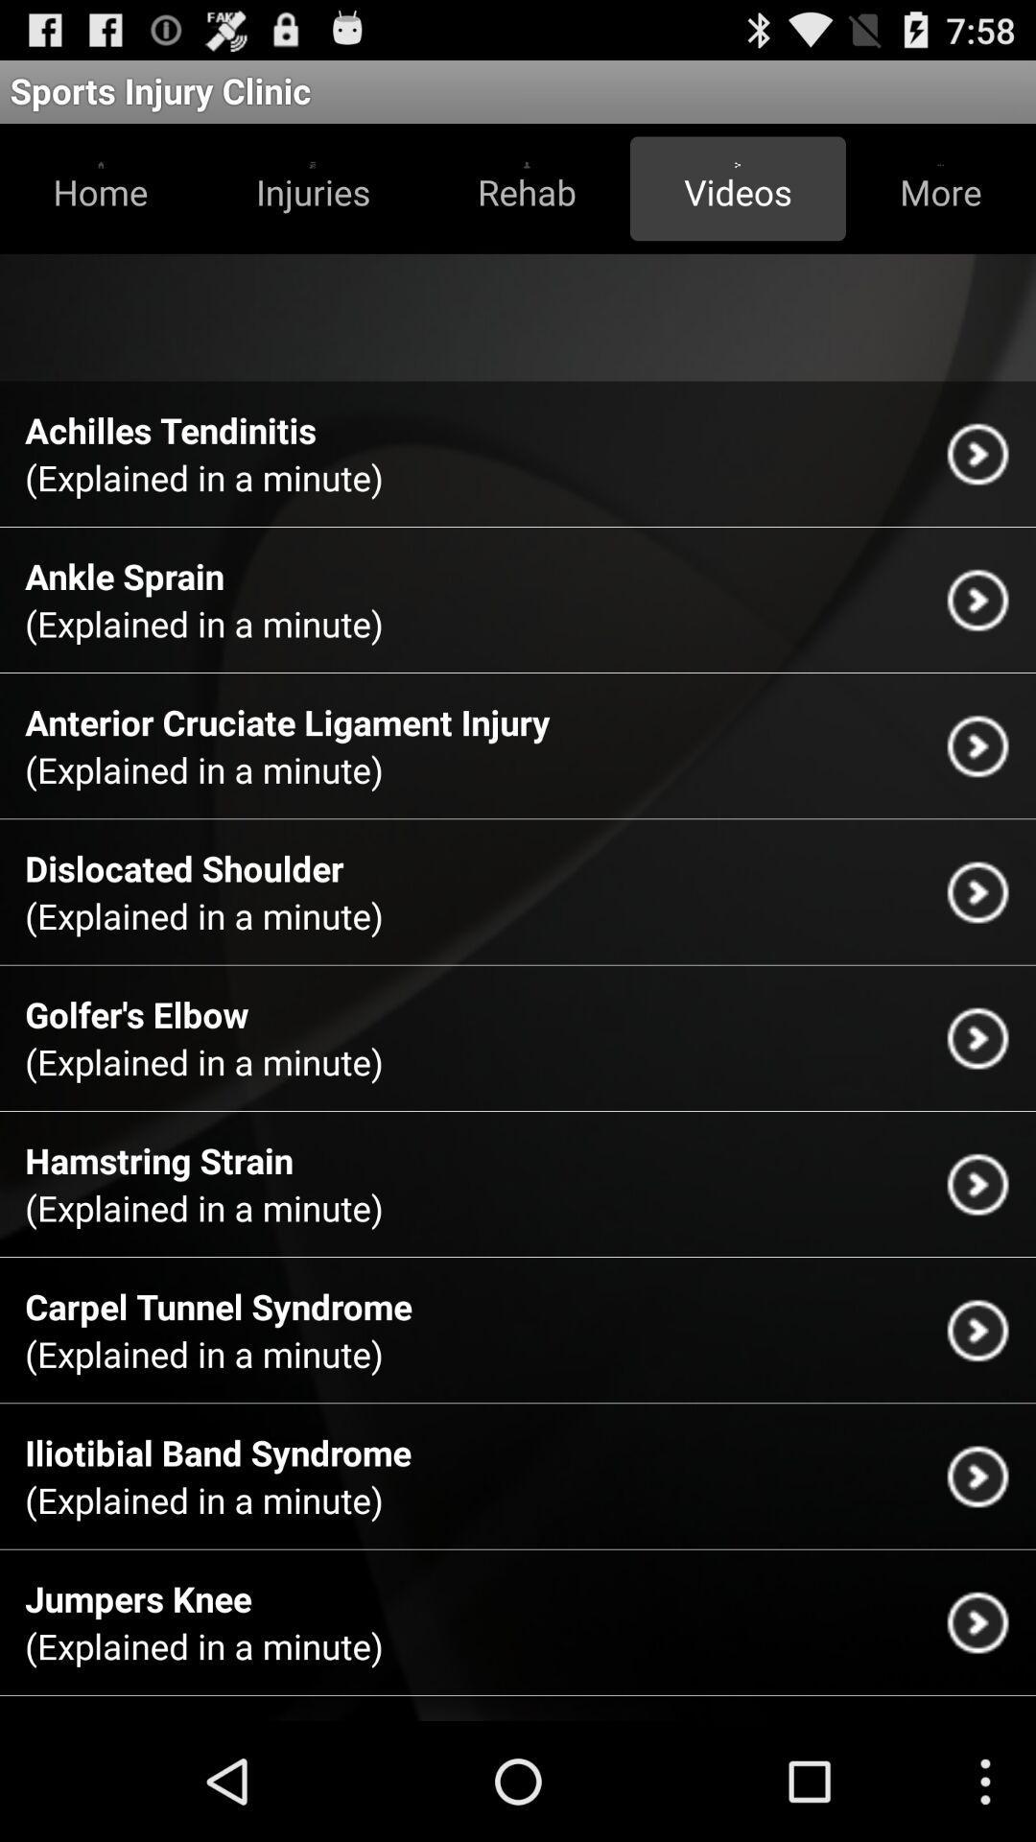  I want to click on the icon above explained in a, so click(137, 1598).